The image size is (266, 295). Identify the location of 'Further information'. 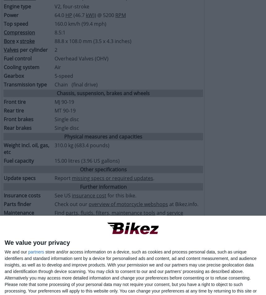
(103, 187).